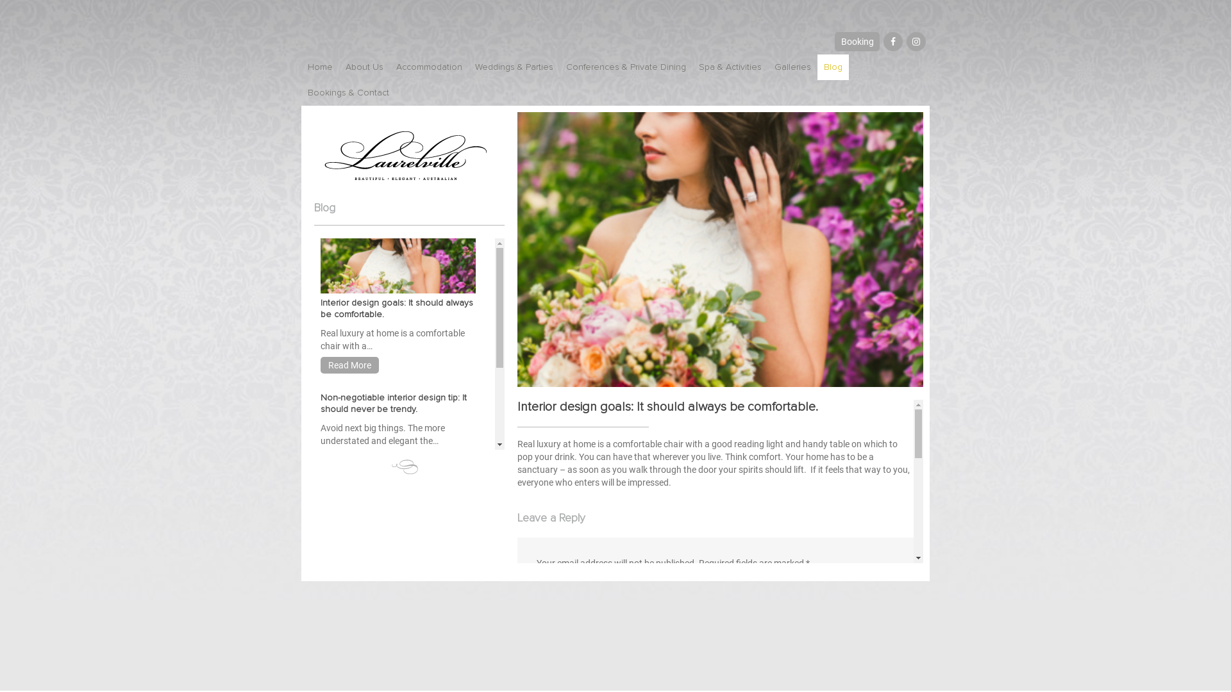 The image size is (1231, 692). I want to click on 'Blog', so click(833, 67).